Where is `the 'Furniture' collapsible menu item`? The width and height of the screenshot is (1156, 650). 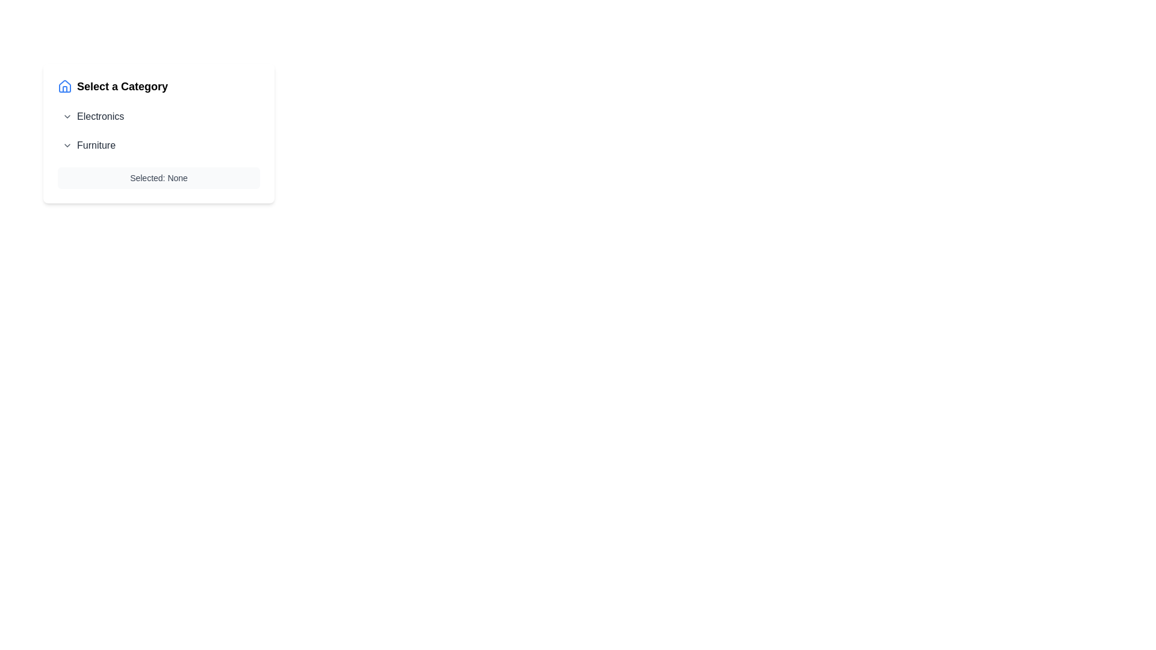 the 'Furniture' collapsible menu item is located at coordinates (158, 145).